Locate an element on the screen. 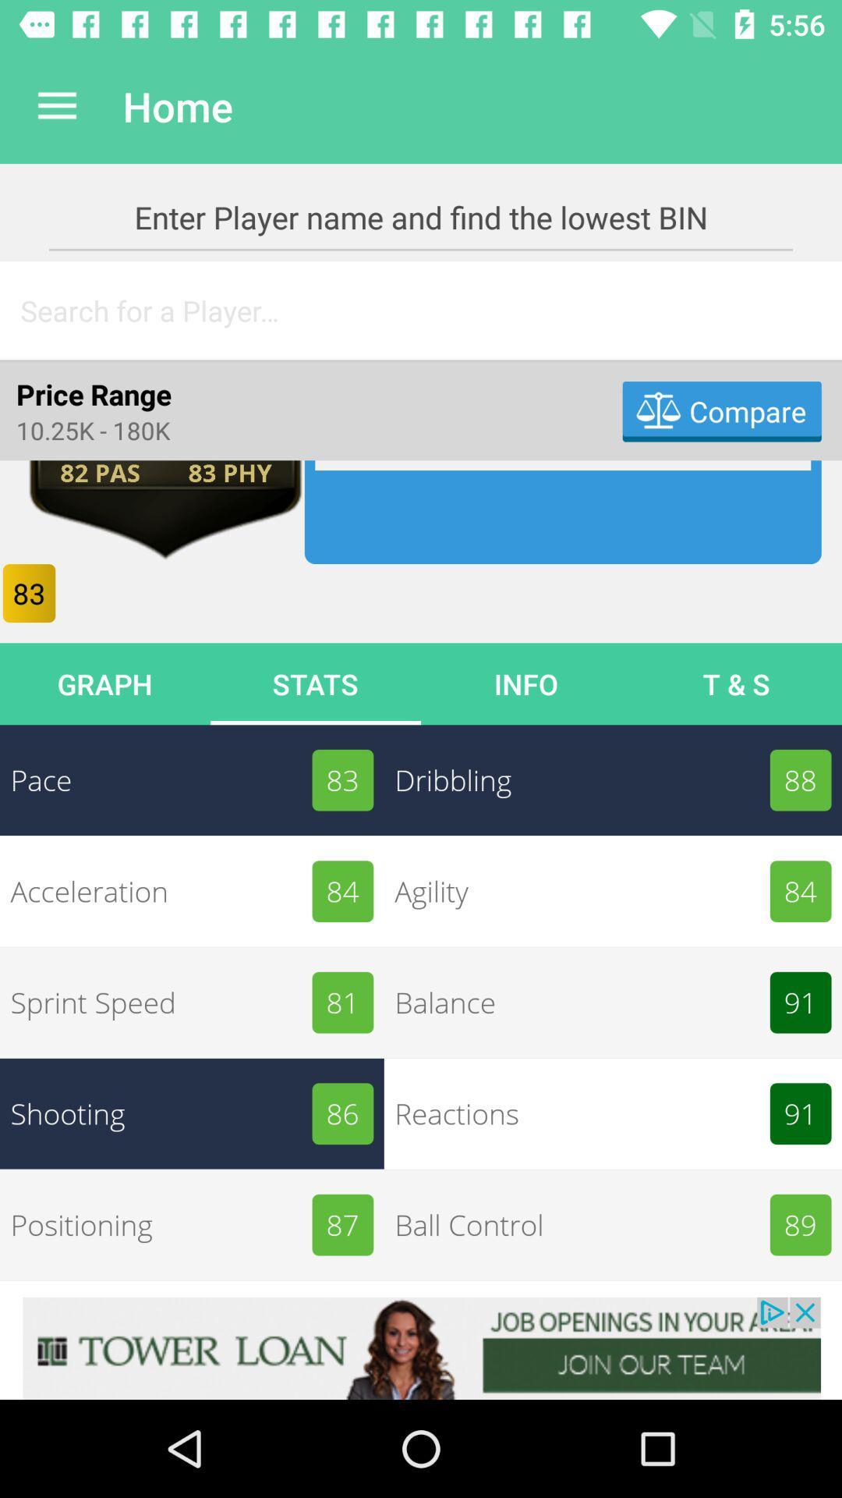 This screenshot has height=1498, width=842. search bar is located at coordinates (421, 311).